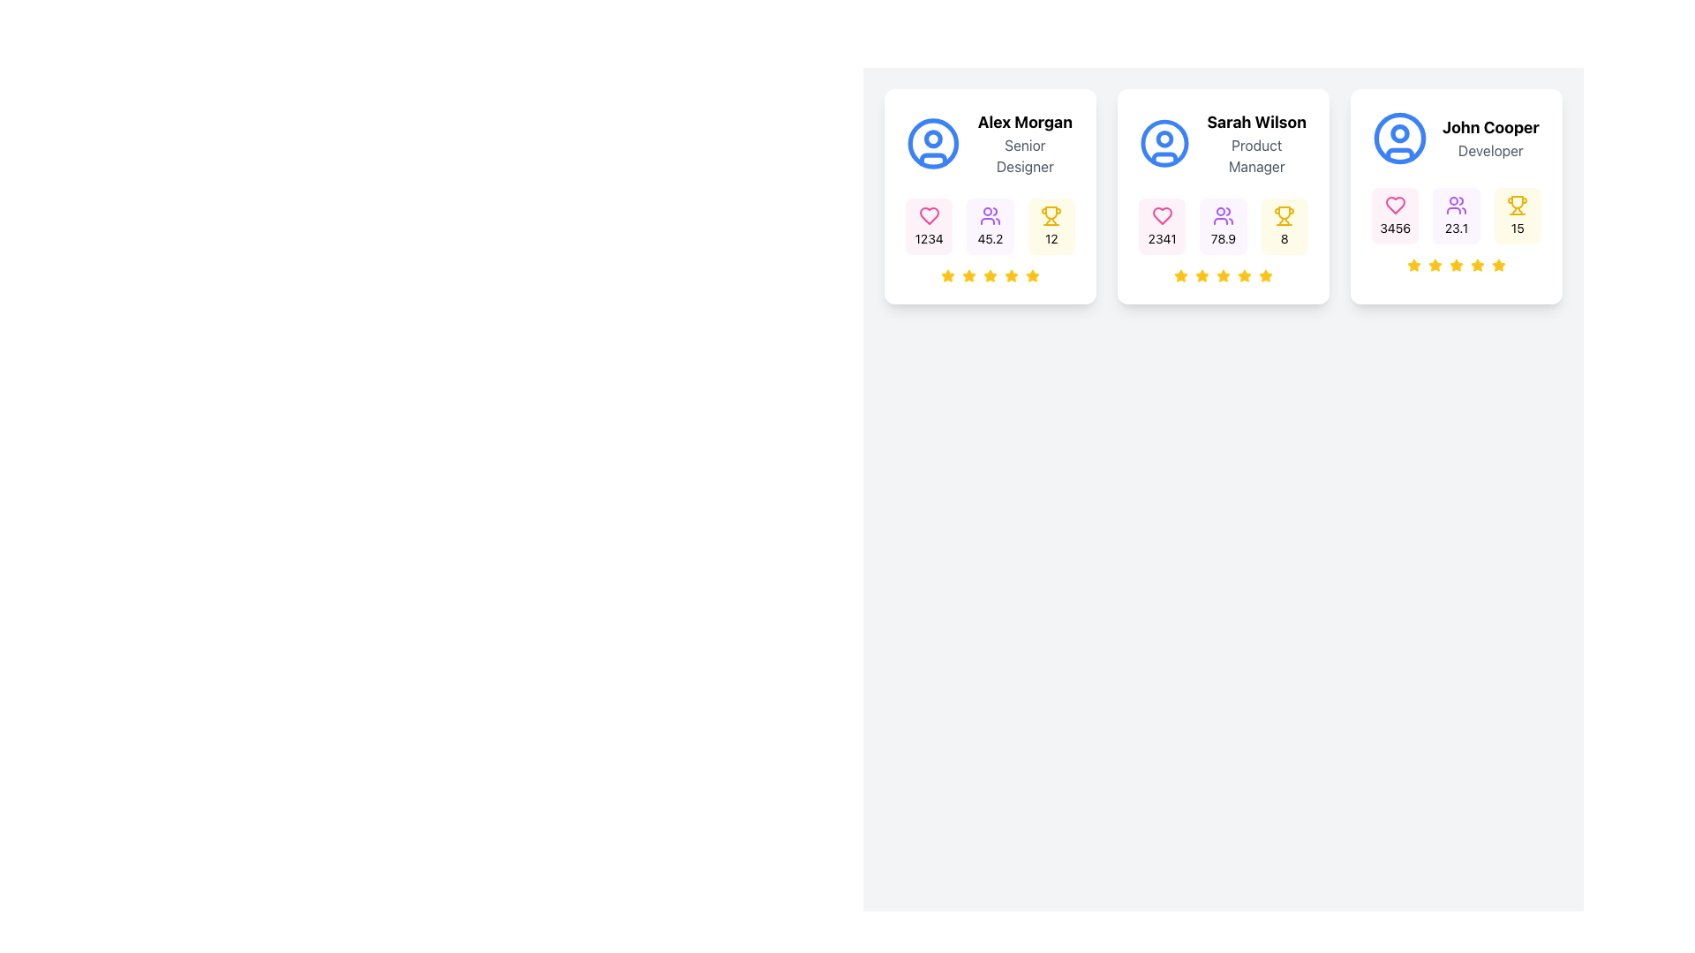 This screenshot has width=1695, height=953. What do you see at coordinates (968, 275) in the screenshot?
I see `the yellow five-pointed star icon, which is the third star in a row of five stars in the rating section of the first user profile card, to modify its visibility` at bounding box center [968, 275].